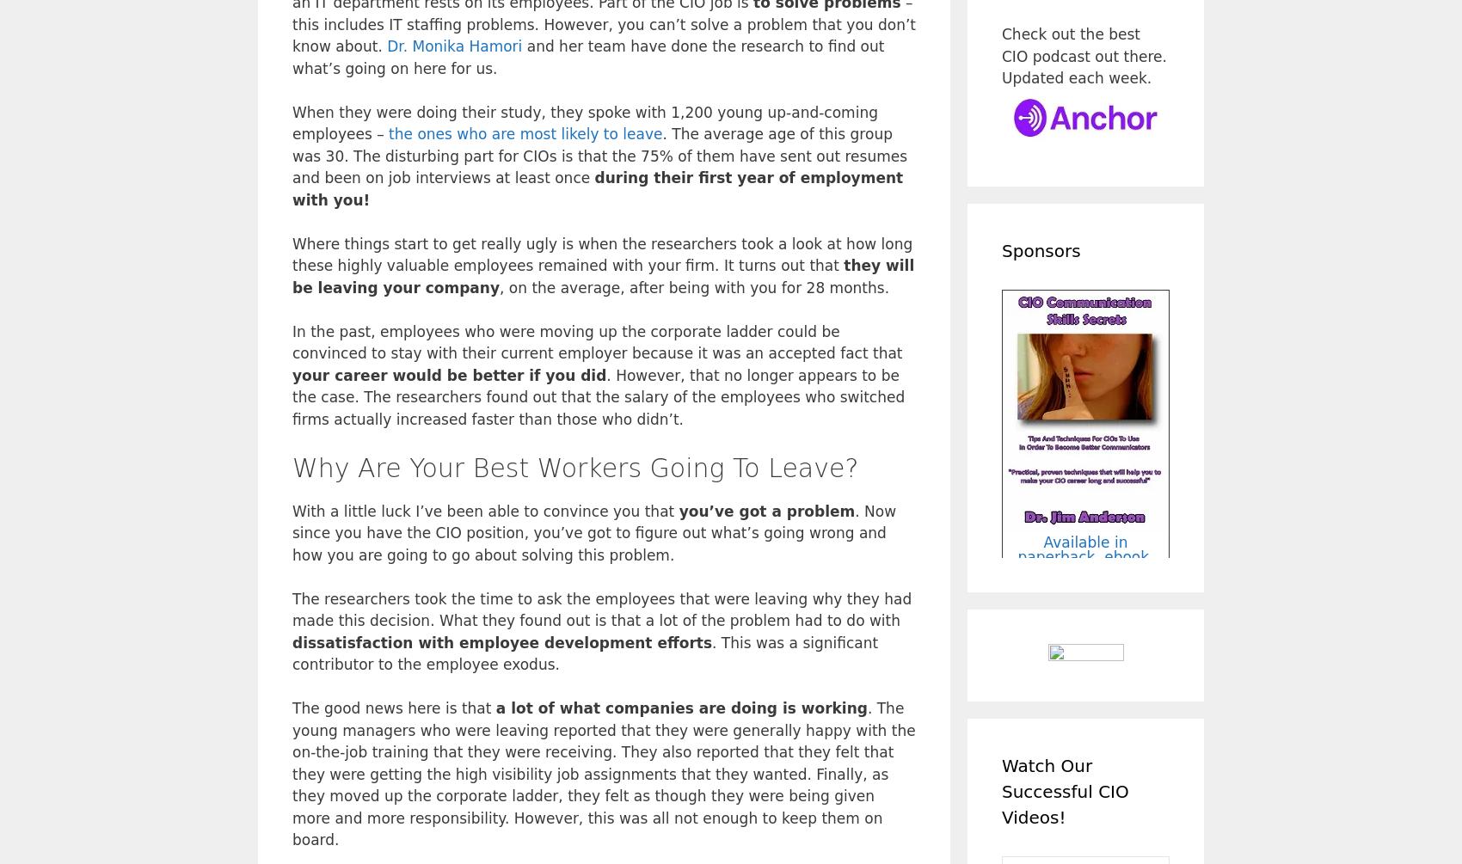 This screenshot has width=1462, height=864. What do you see at coordinates (1084, 555) in the screenshot?
I see `'Available in paperback, ebook, and audio formats!'` at bounding box center [1084, 555].